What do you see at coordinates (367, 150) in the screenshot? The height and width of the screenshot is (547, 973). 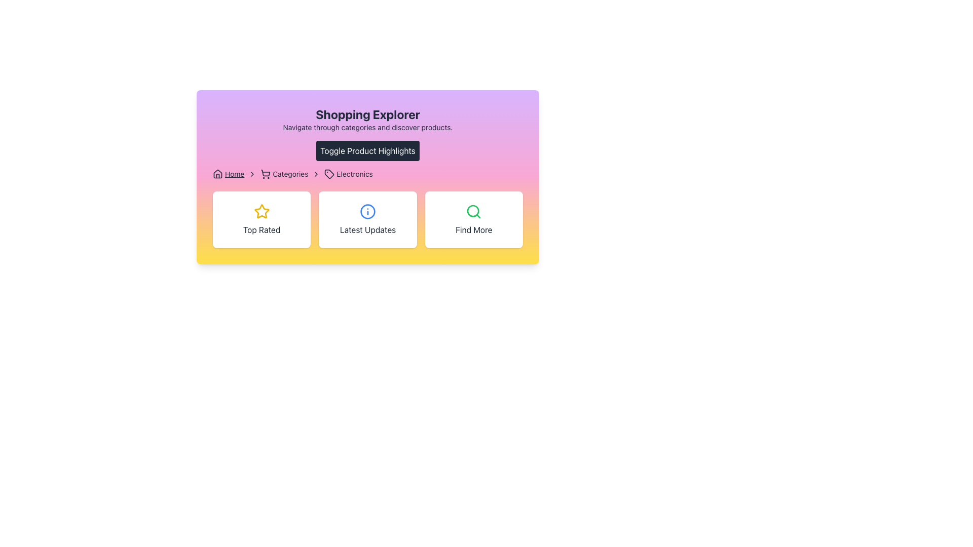 I see `the button that toggles the visibility of product highlights, located beneath 'Shopping Explorer' and above the navigation breadcrumb` at bounding box center [367, 150].